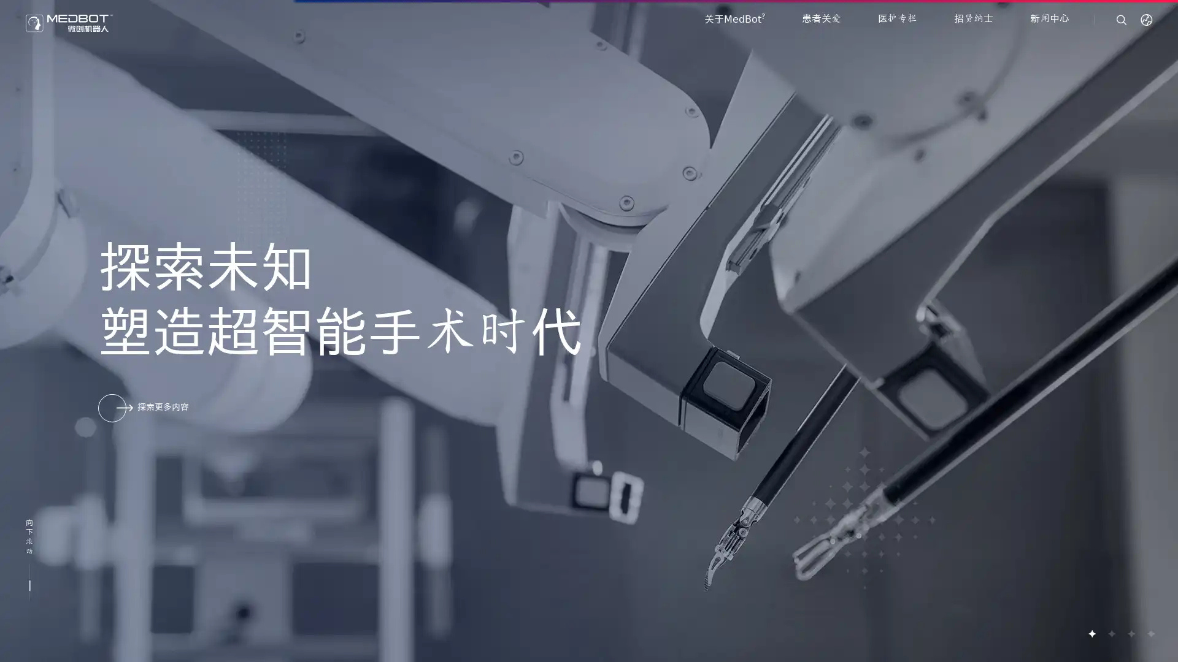 The image size is (1178, 662). I want to click on Go to slide 4, so click(1150, 633).